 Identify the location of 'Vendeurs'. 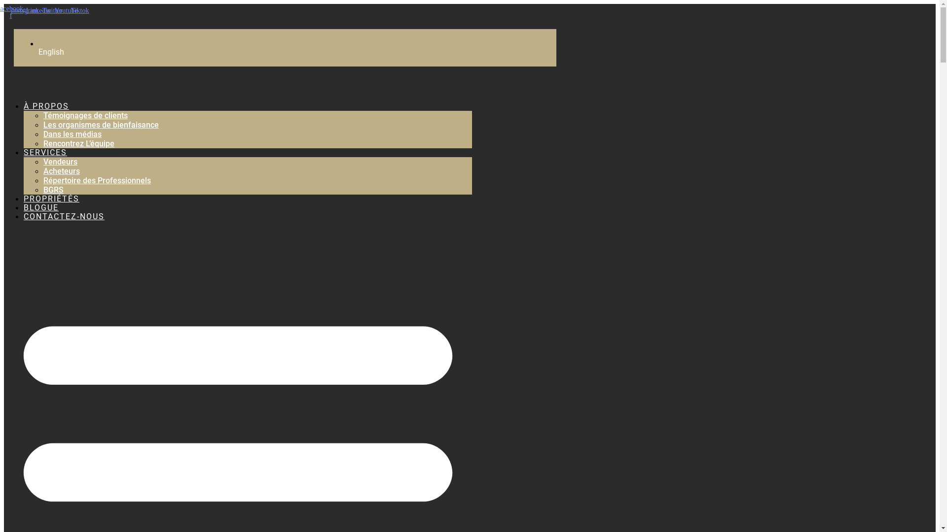
(42, 161).